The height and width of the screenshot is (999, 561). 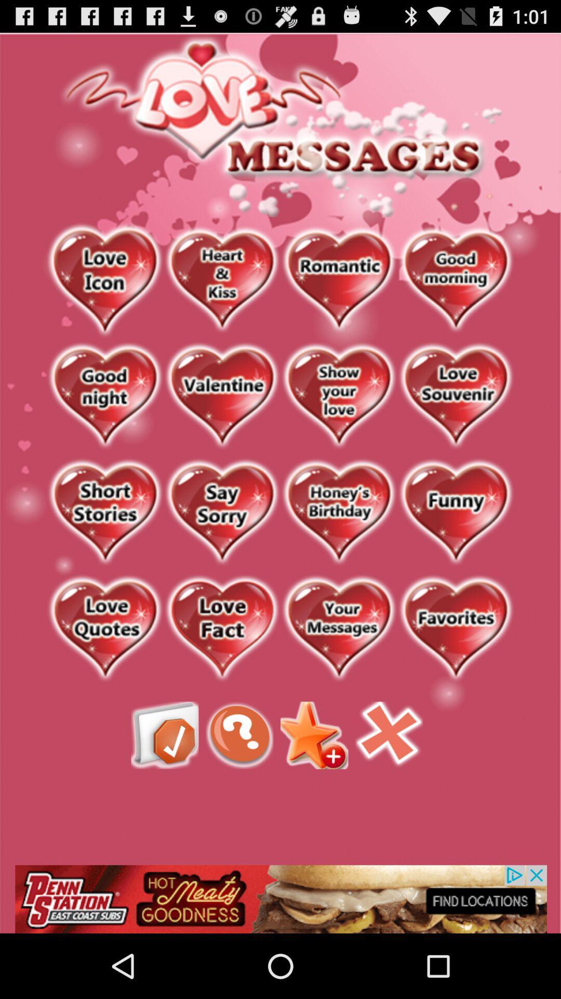 What do you see at coordinates (239, 735) in the screenshot?
I see `open more information` at bounding box center [239, 735].